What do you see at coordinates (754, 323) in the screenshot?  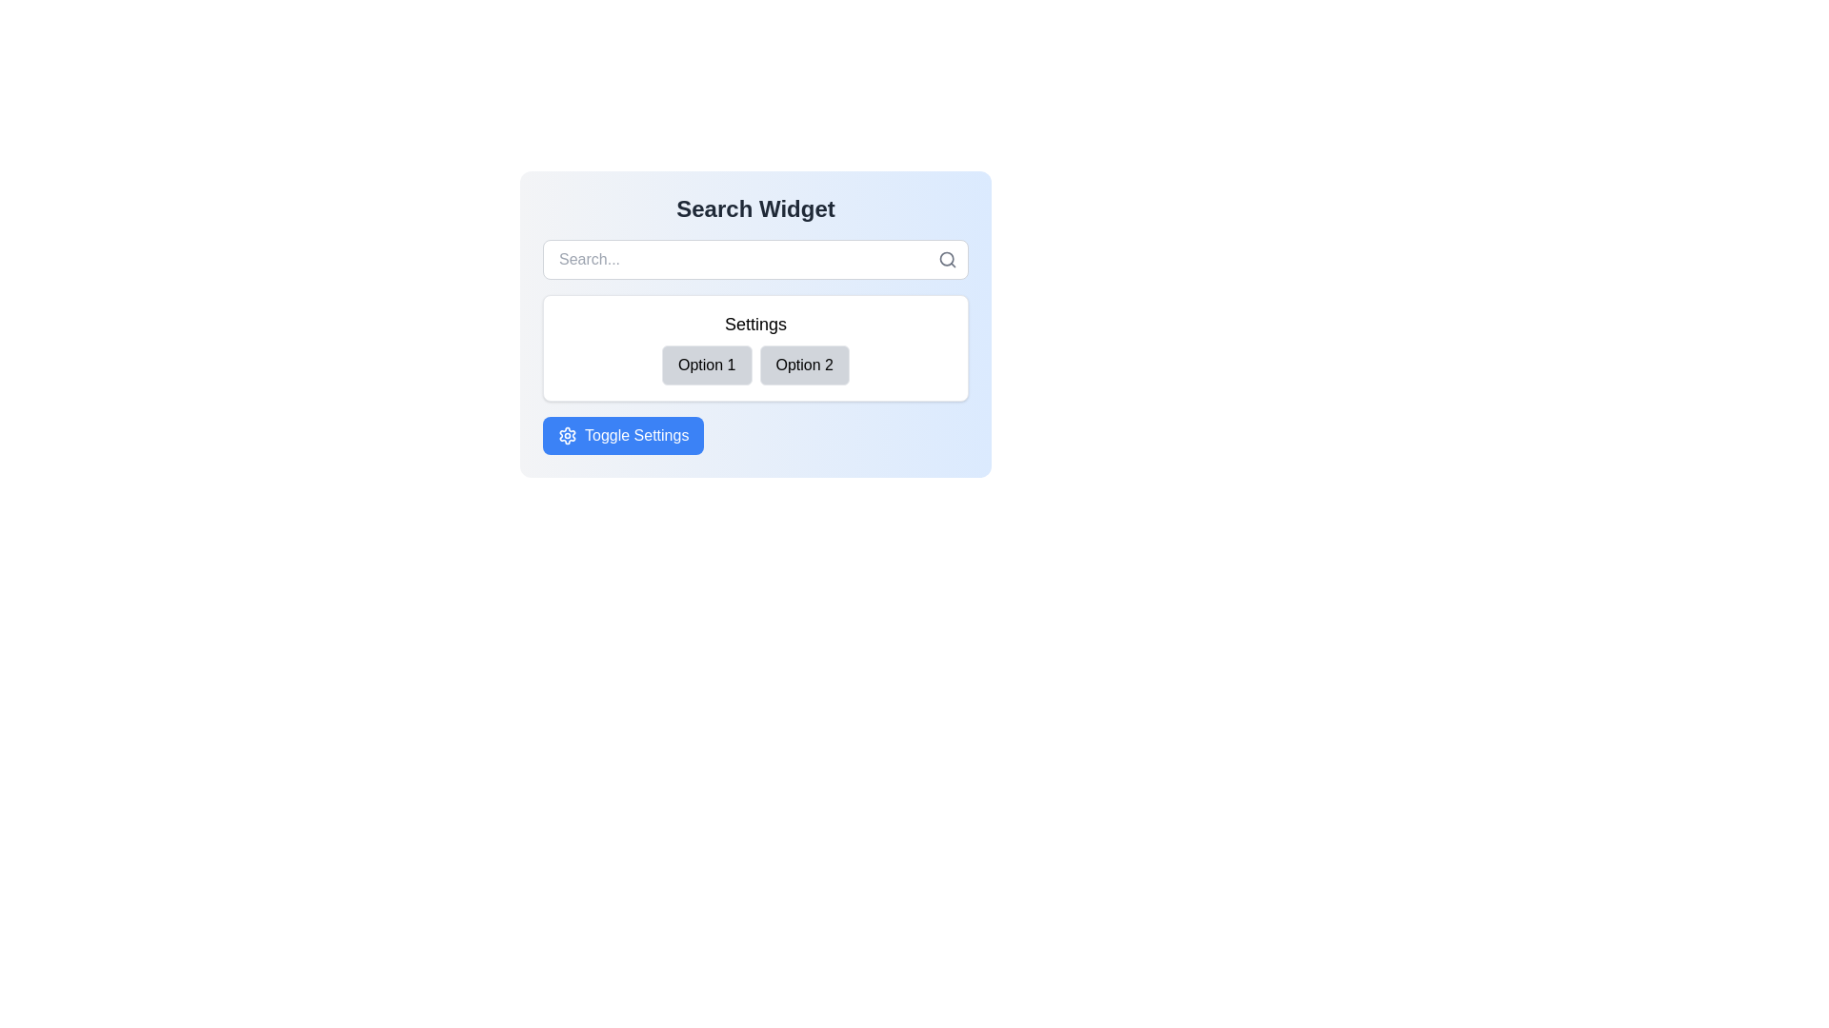 I see `the text label that reads 'Settings', which is styled with a medium-sized bold font and is visually aligned with the buttons 'Option 1' and 'Option 2'` at bounding box center [754, 323].